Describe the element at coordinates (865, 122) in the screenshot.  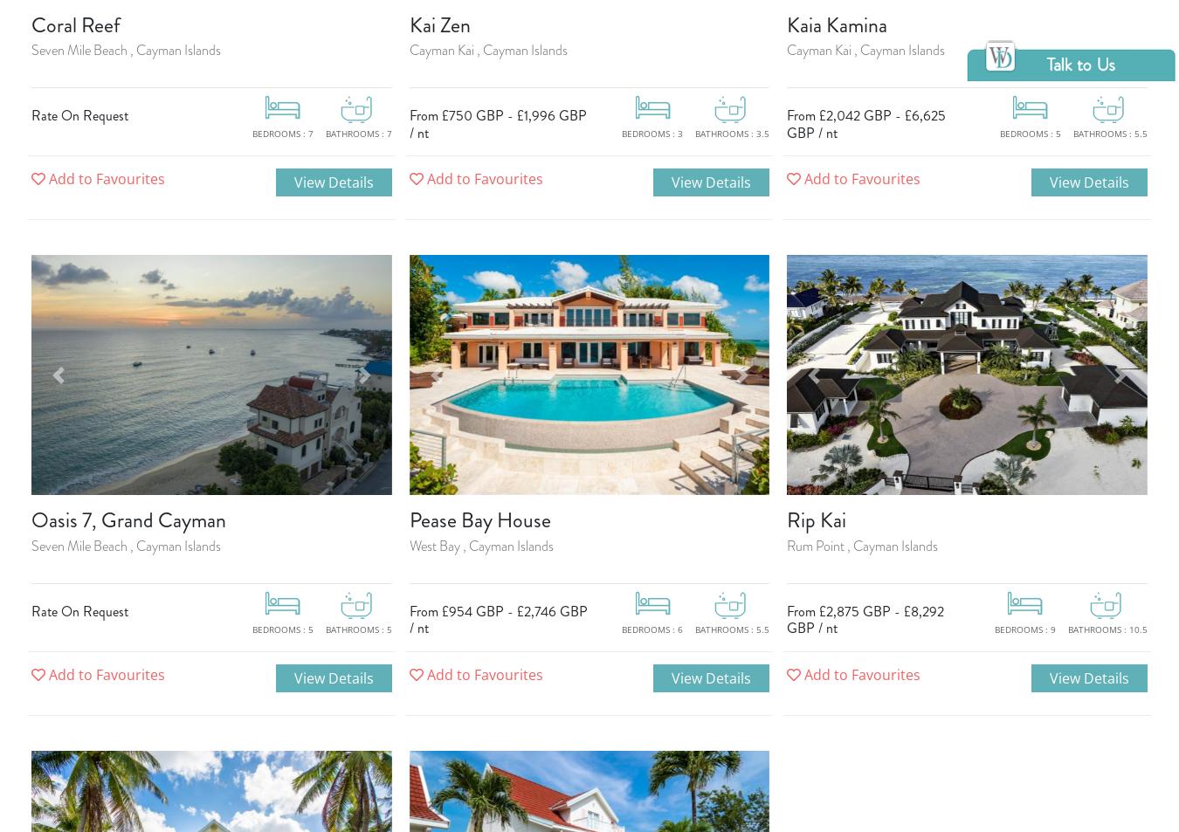
I see `'From £2,042 GBP - £6,625 GBP / nt'` at that location.